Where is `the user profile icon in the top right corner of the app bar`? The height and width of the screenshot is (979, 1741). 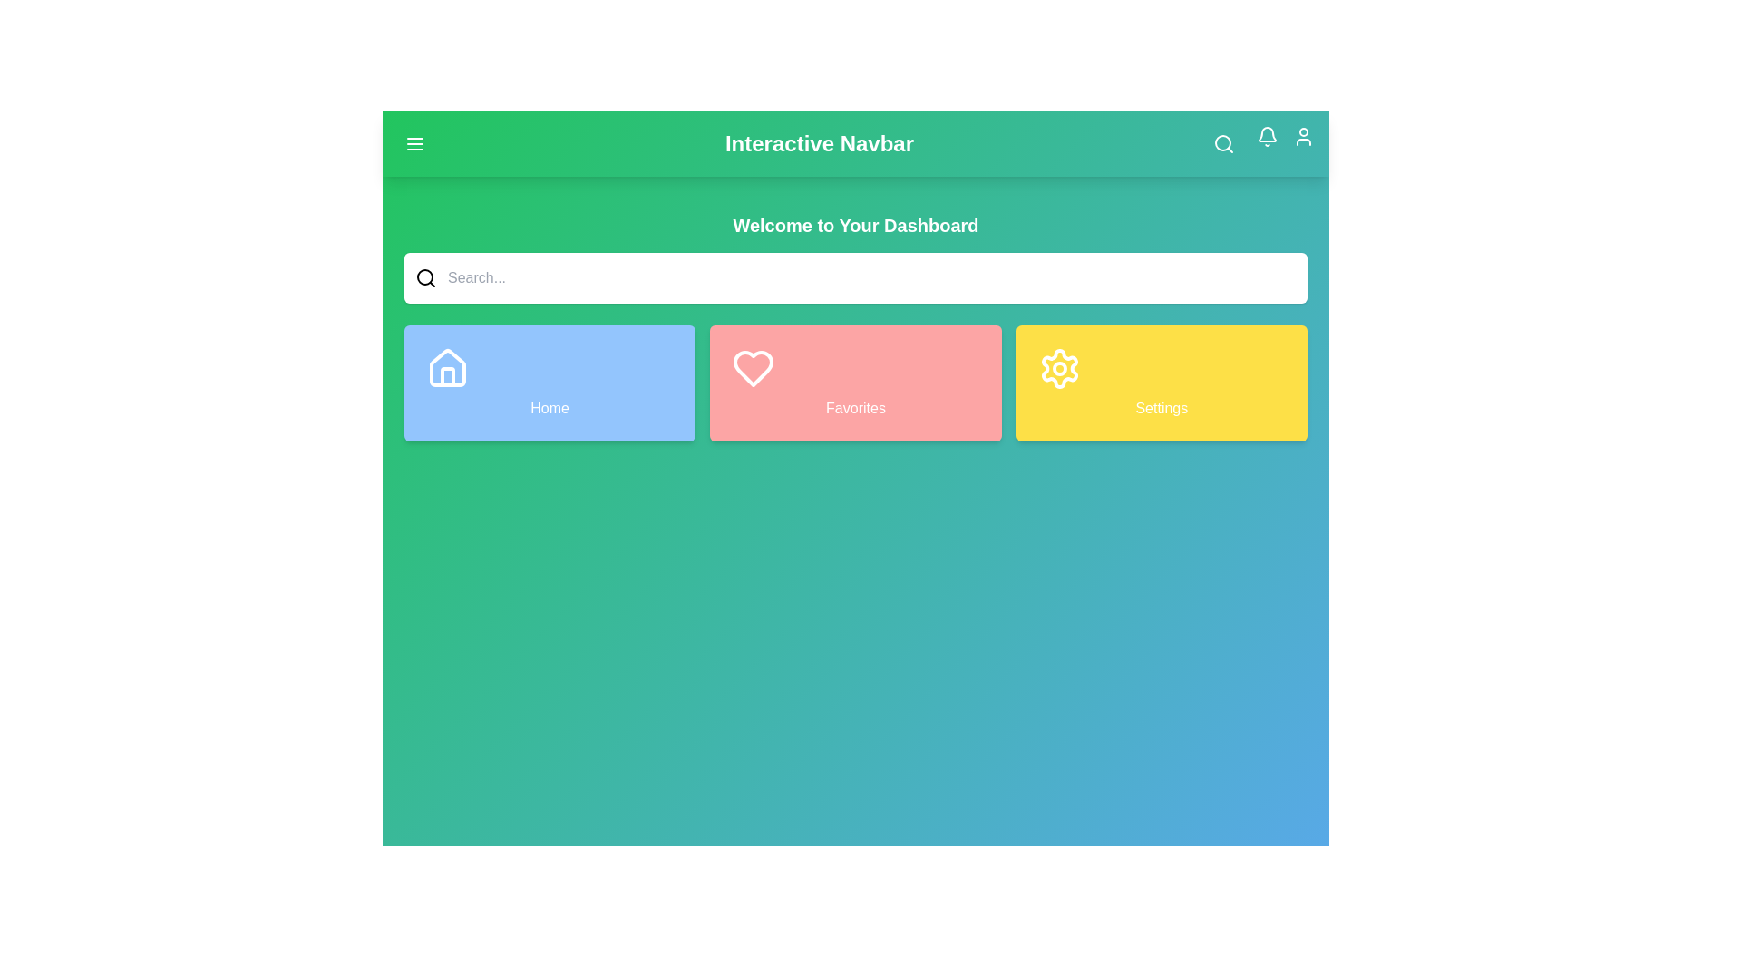 the user profile icon in the top right corner of the app bar is located at coordinates (1302, 135).